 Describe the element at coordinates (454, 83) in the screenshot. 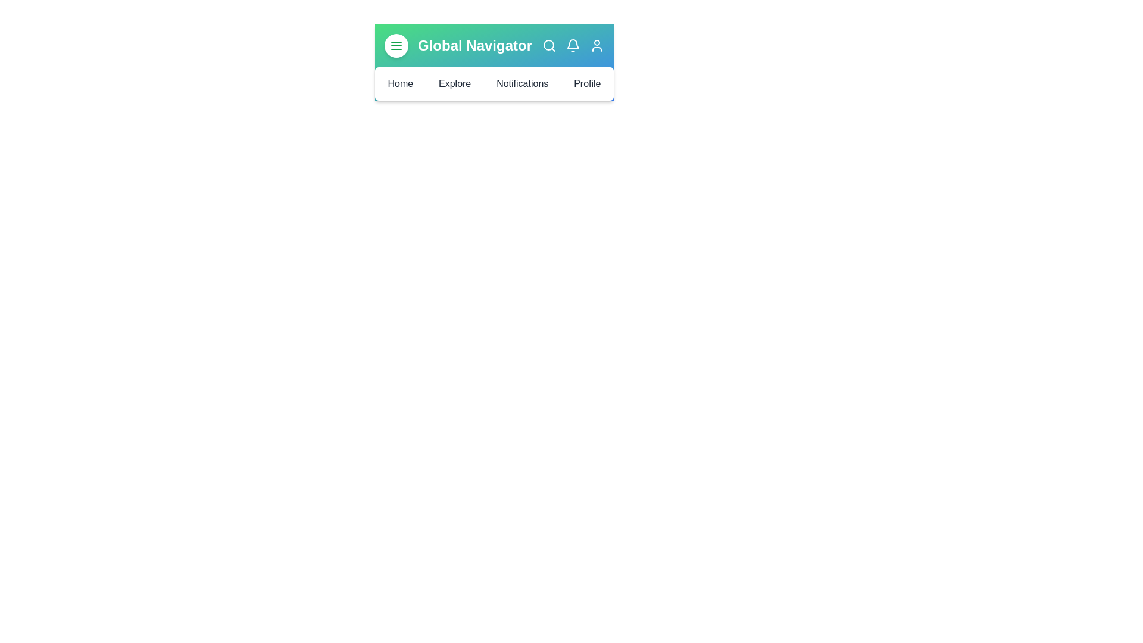

I see `the menu item Explore to preview its interactive state` at that location.